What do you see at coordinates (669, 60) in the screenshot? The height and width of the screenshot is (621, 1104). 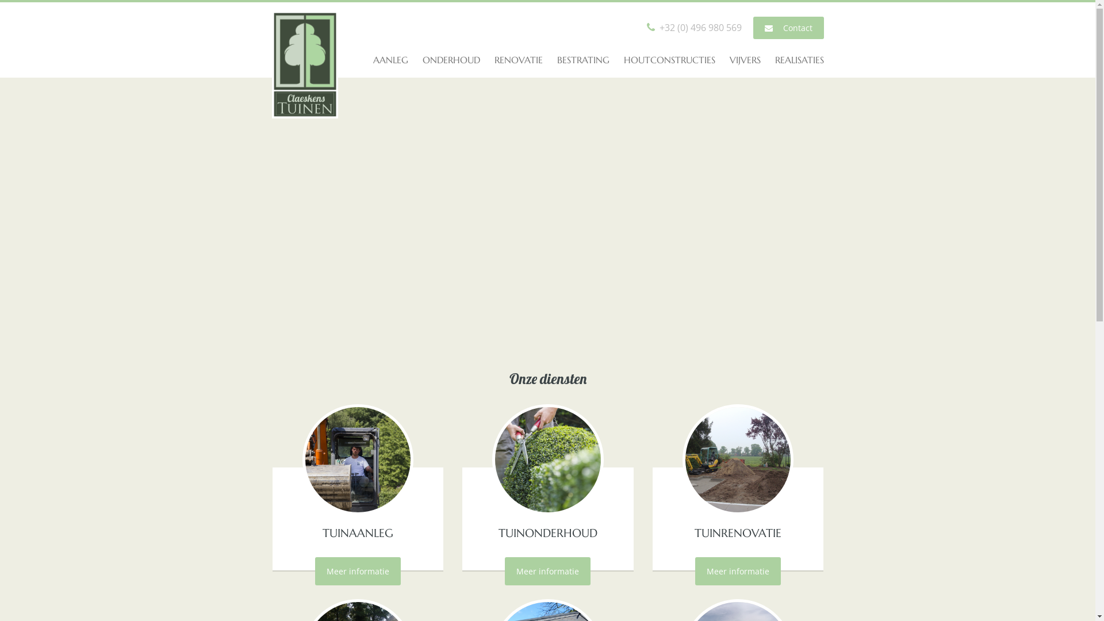 I see `'HOUTCONSTRUCTIES'` at bounding box center [669, 60].